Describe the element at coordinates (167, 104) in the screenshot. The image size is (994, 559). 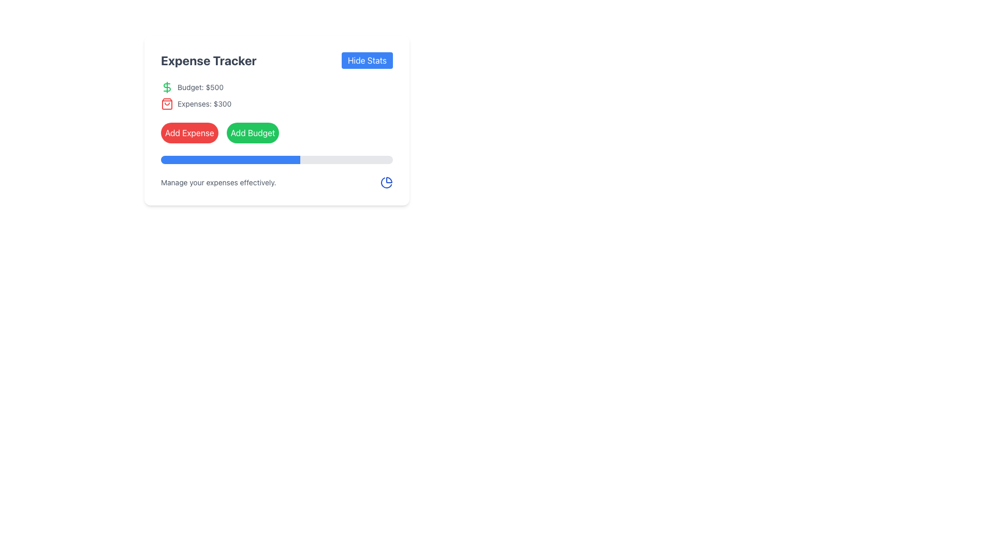
I see `the red shopping bag icon located next to the text 'Expenses: $300', which indicates expense-related features` at that location.